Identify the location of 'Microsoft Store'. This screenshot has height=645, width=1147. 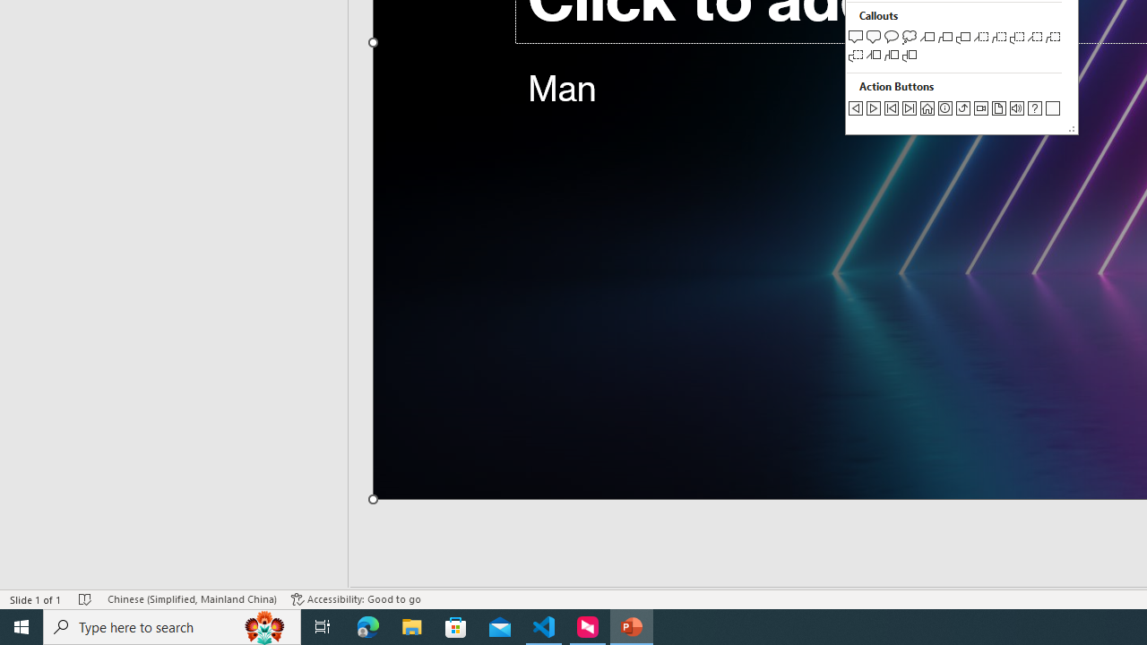
(456, 625).